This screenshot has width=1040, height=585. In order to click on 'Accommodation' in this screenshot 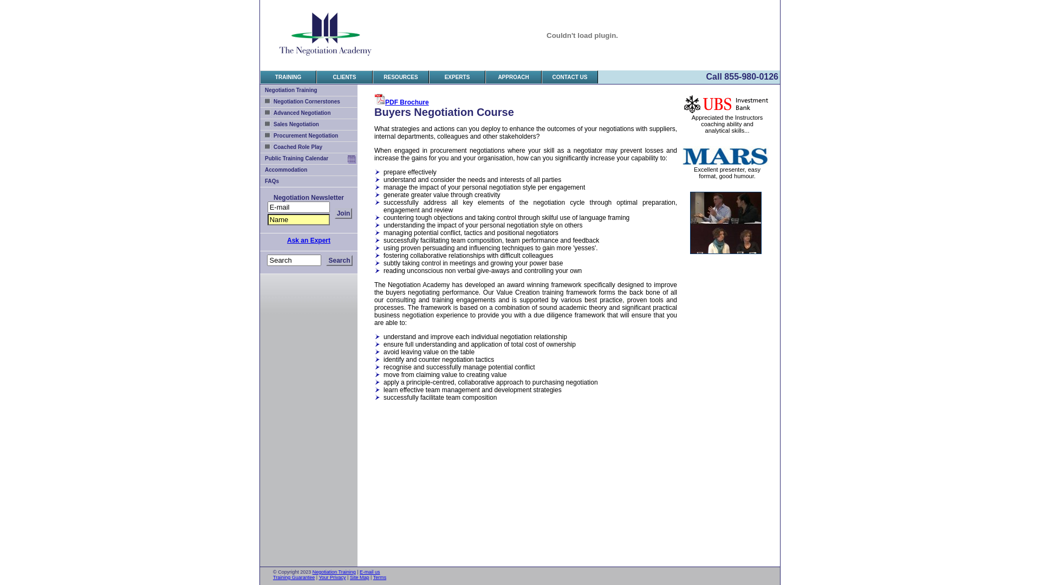, I will do `click(308, 170)`.